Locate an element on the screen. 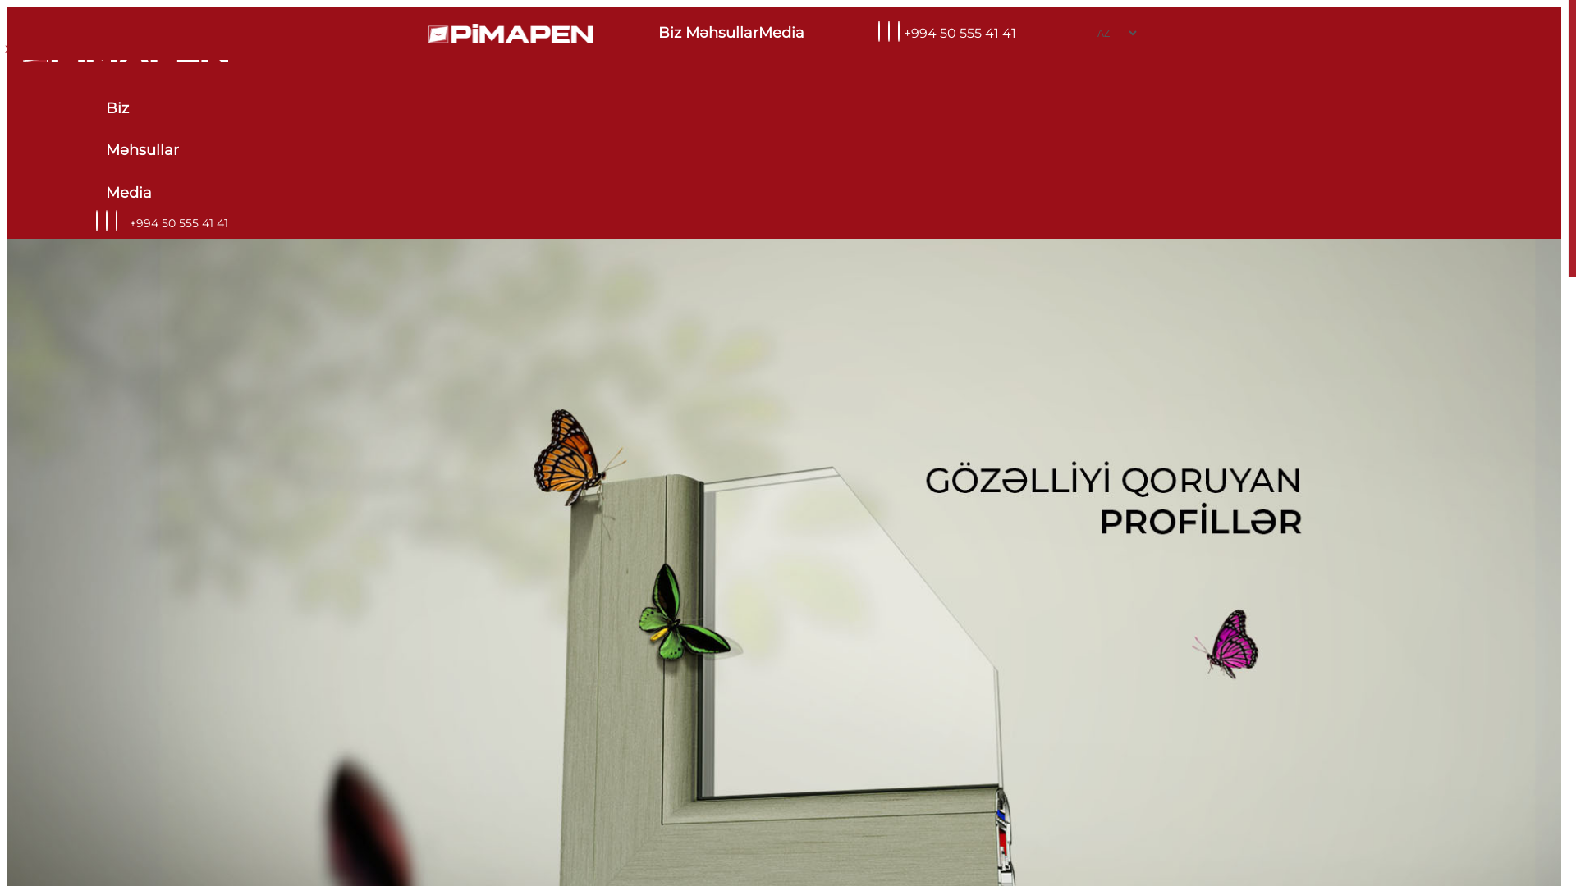 The image size is (1576, 886). 'BLOQ' is located at coordinates (116, 48).